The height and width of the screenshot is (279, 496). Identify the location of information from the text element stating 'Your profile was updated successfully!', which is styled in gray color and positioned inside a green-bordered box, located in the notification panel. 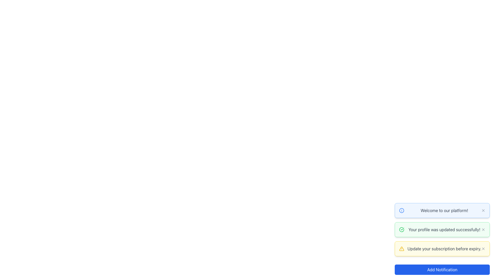
(444, 229).